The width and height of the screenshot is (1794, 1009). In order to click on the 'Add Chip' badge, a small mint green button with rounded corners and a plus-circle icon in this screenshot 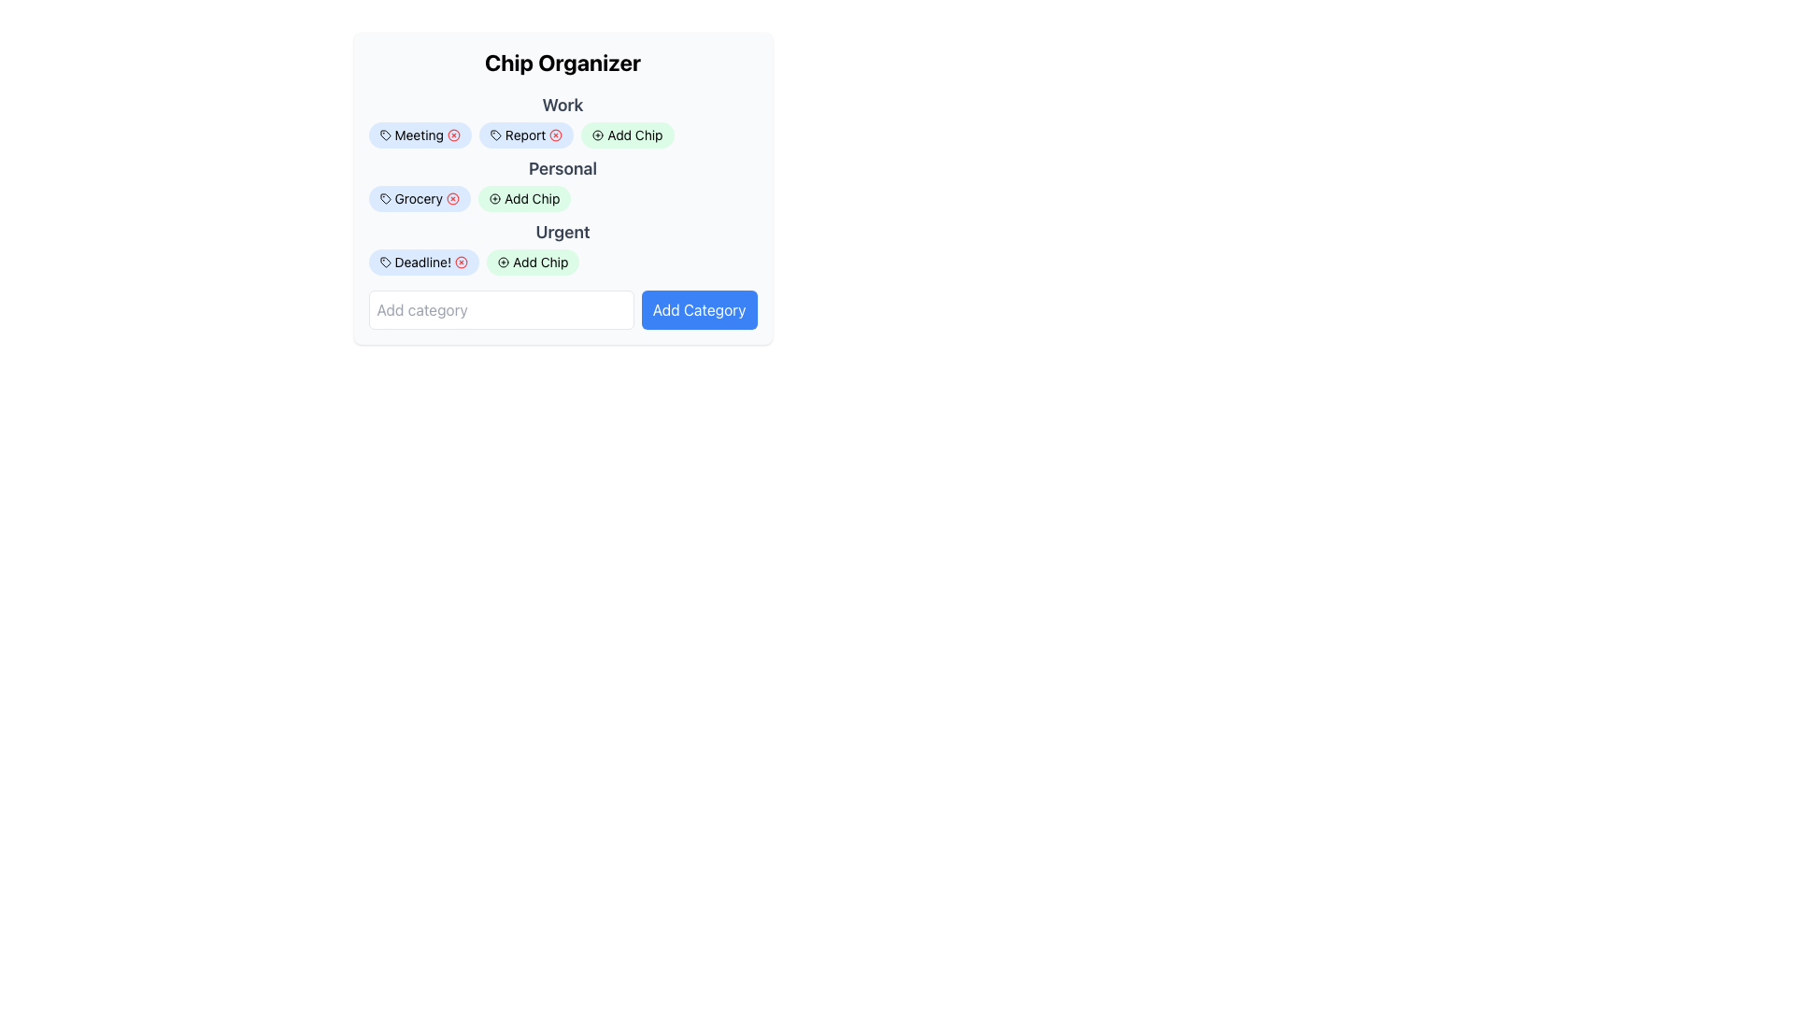, I will do `click(562, 198)`.